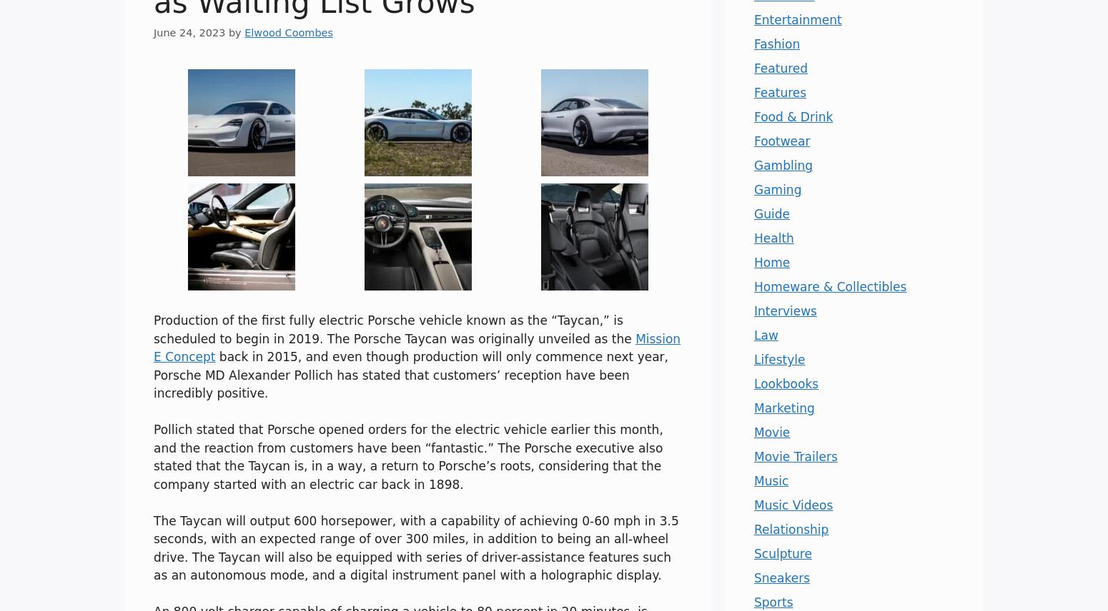  What do you see at coordinates (394, 329) in the screenshot?
I see `'Production of the first fully electric Porsche vehicle known as the “Taycan,” is scheduled to begin in 2019. The Porsche Taycan was originally unveiled as the'` at bounding box center [394, 329].